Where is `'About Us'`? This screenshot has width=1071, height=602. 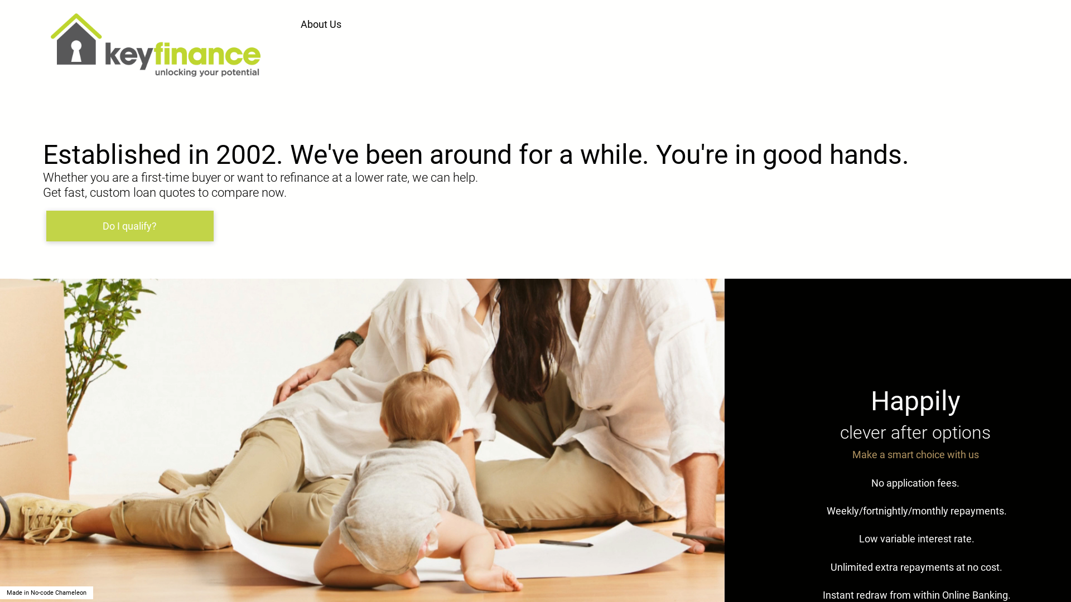
'About Us' is located at coordinates (322, 24).